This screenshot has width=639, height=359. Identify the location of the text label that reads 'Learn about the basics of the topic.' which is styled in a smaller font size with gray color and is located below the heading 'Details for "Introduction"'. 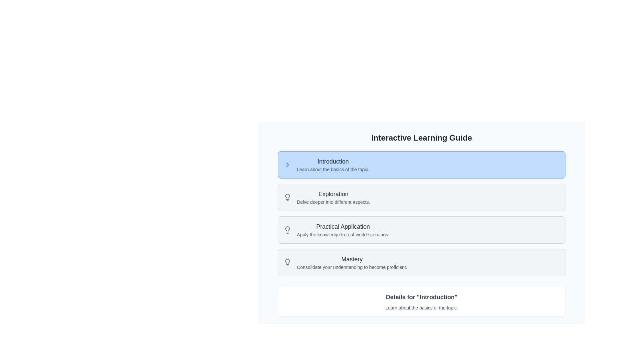
(421, 307).